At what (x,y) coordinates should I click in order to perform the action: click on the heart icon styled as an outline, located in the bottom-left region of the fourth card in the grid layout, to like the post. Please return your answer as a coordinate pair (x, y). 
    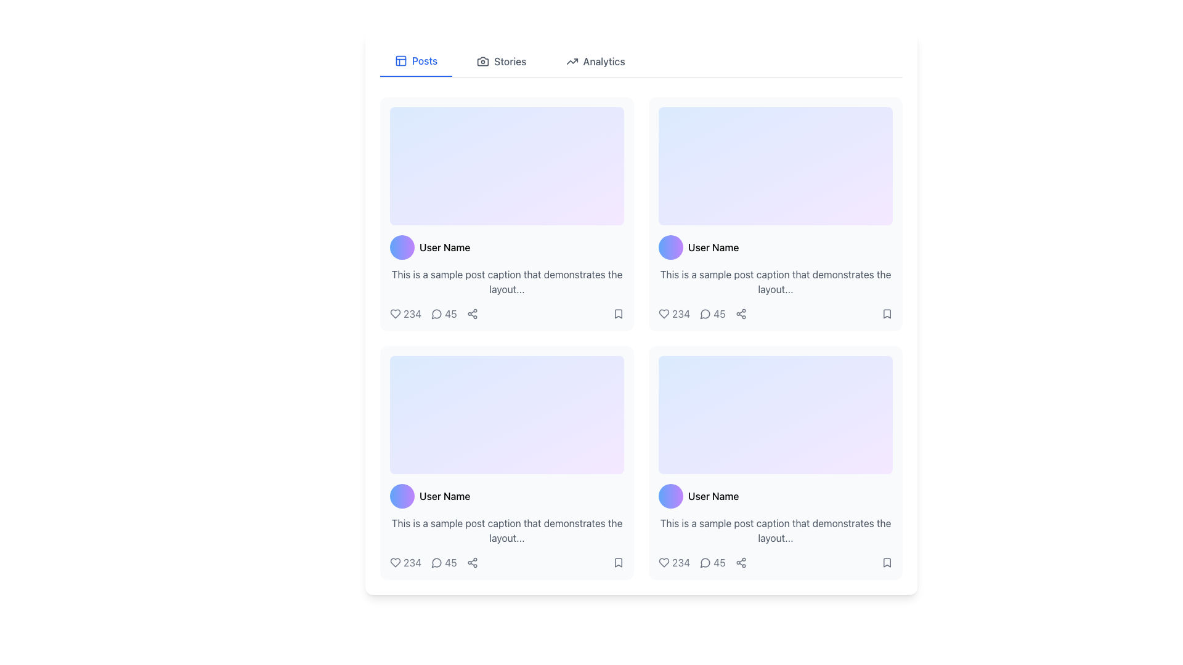
    Looking at the image, I should click on (396, 563).